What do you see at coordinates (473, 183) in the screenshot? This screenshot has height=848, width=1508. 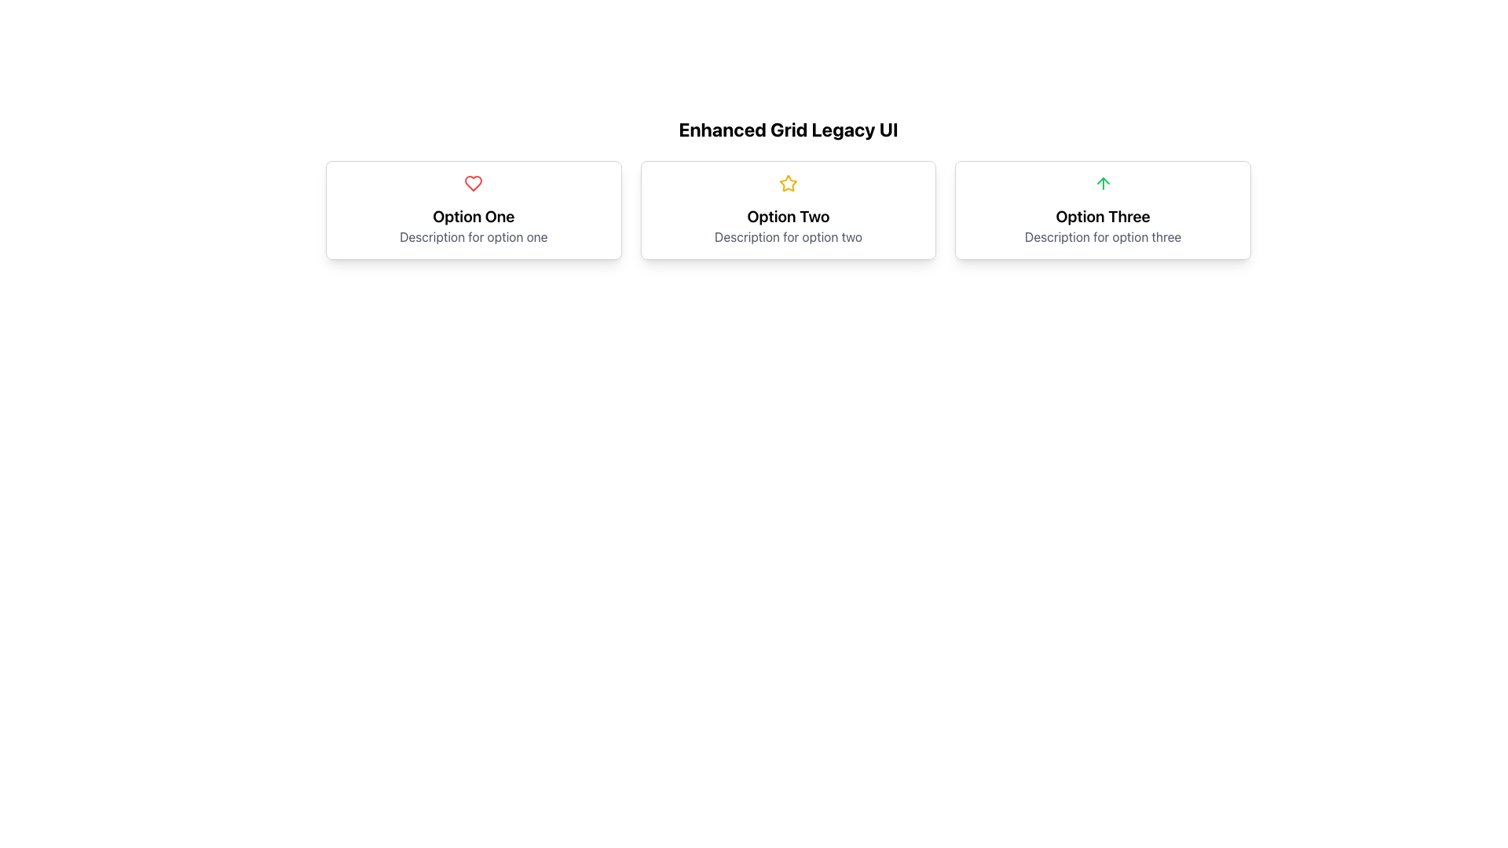 I see `the decorative icon located above the text 'Option One' in the first option card` at bounding box center [473, 183].